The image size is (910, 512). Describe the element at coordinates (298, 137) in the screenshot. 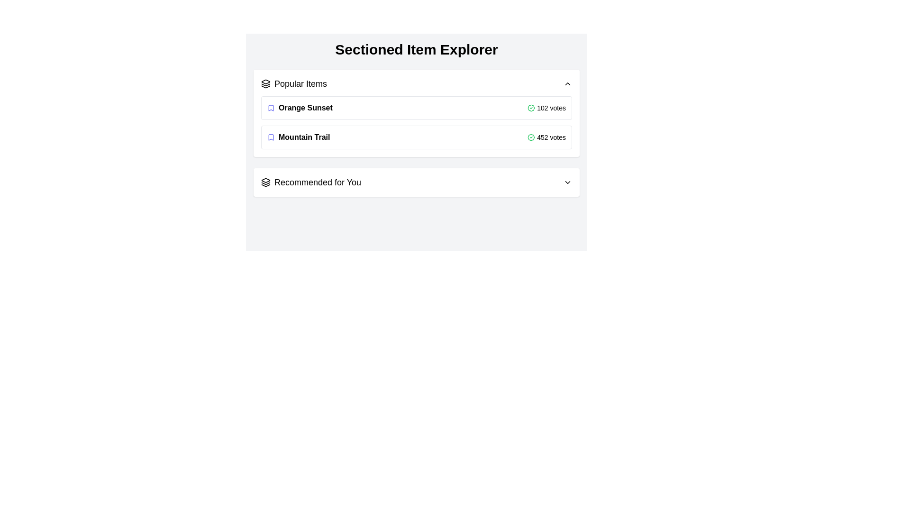

I see `the 'Mountain Trail' text label with icon` at that location.